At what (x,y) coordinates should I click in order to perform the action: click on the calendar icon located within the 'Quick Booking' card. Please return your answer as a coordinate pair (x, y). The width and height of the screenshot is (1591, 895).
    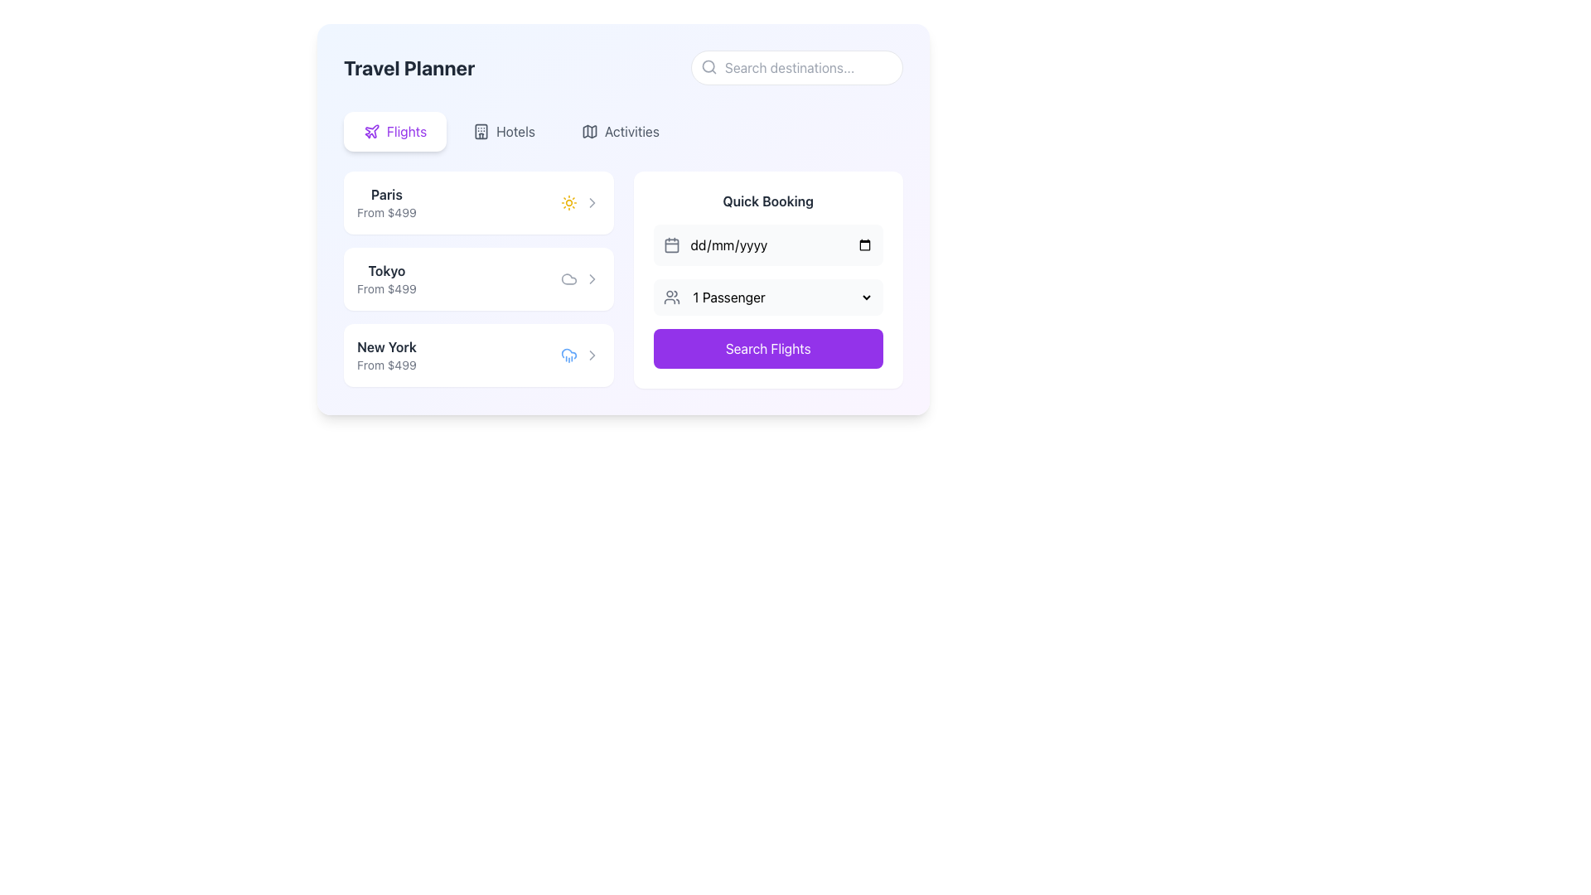
    Looking at the image, I should click on (671, 245).